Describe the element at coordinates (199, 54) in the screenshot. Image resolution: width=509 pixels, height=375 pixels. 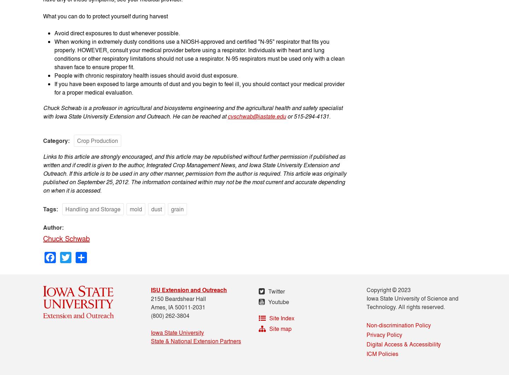
I see `'When working in extremely dusty conditions use a NIOSH-approved and certified "N-95" respirator that fits you properly. HOWEVER, consult your medical provider before using a respirator. Individuals with heart and lung conditions or other respiratory limitations should not use a respirator. N-95 respirators must be used only with a clean shaven face to ensure proper fit.'` at that location.